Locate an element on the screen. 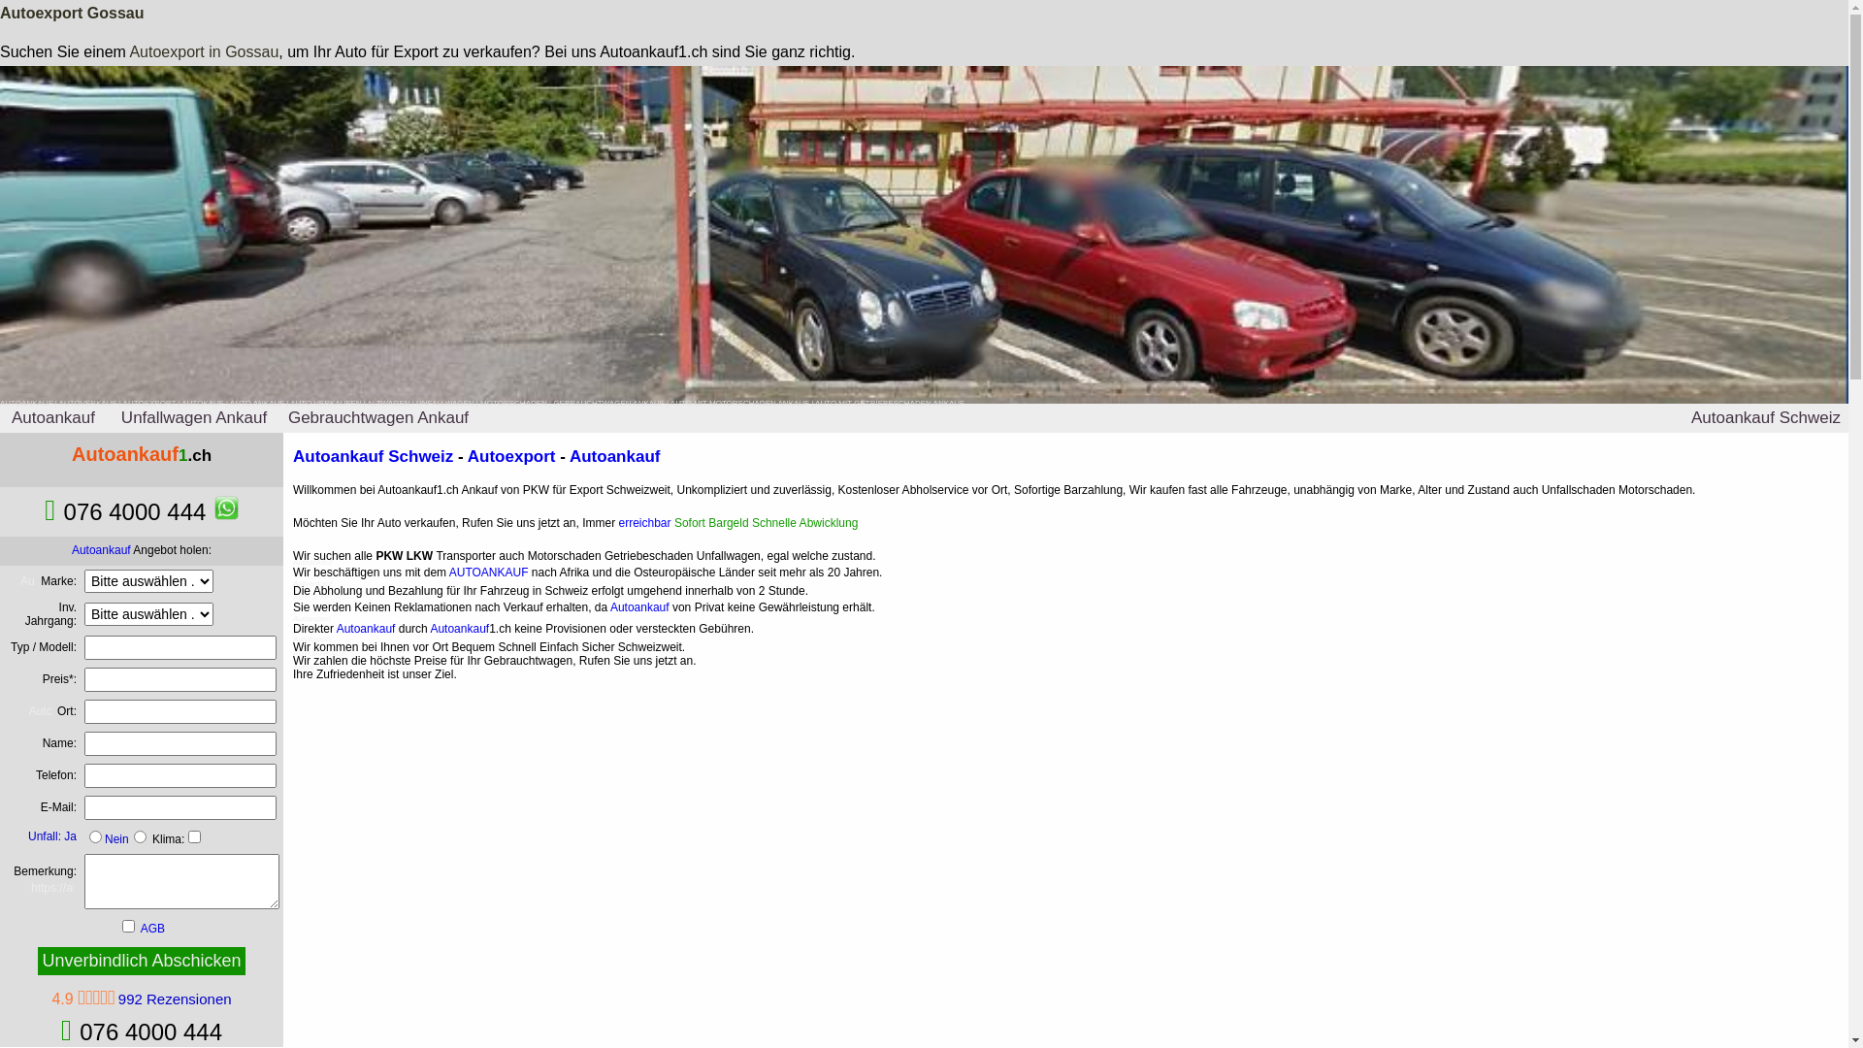 This screenshot has width=1863, height=1048. 'Autoexport in Gossau' is located at coordinates (204, 50).